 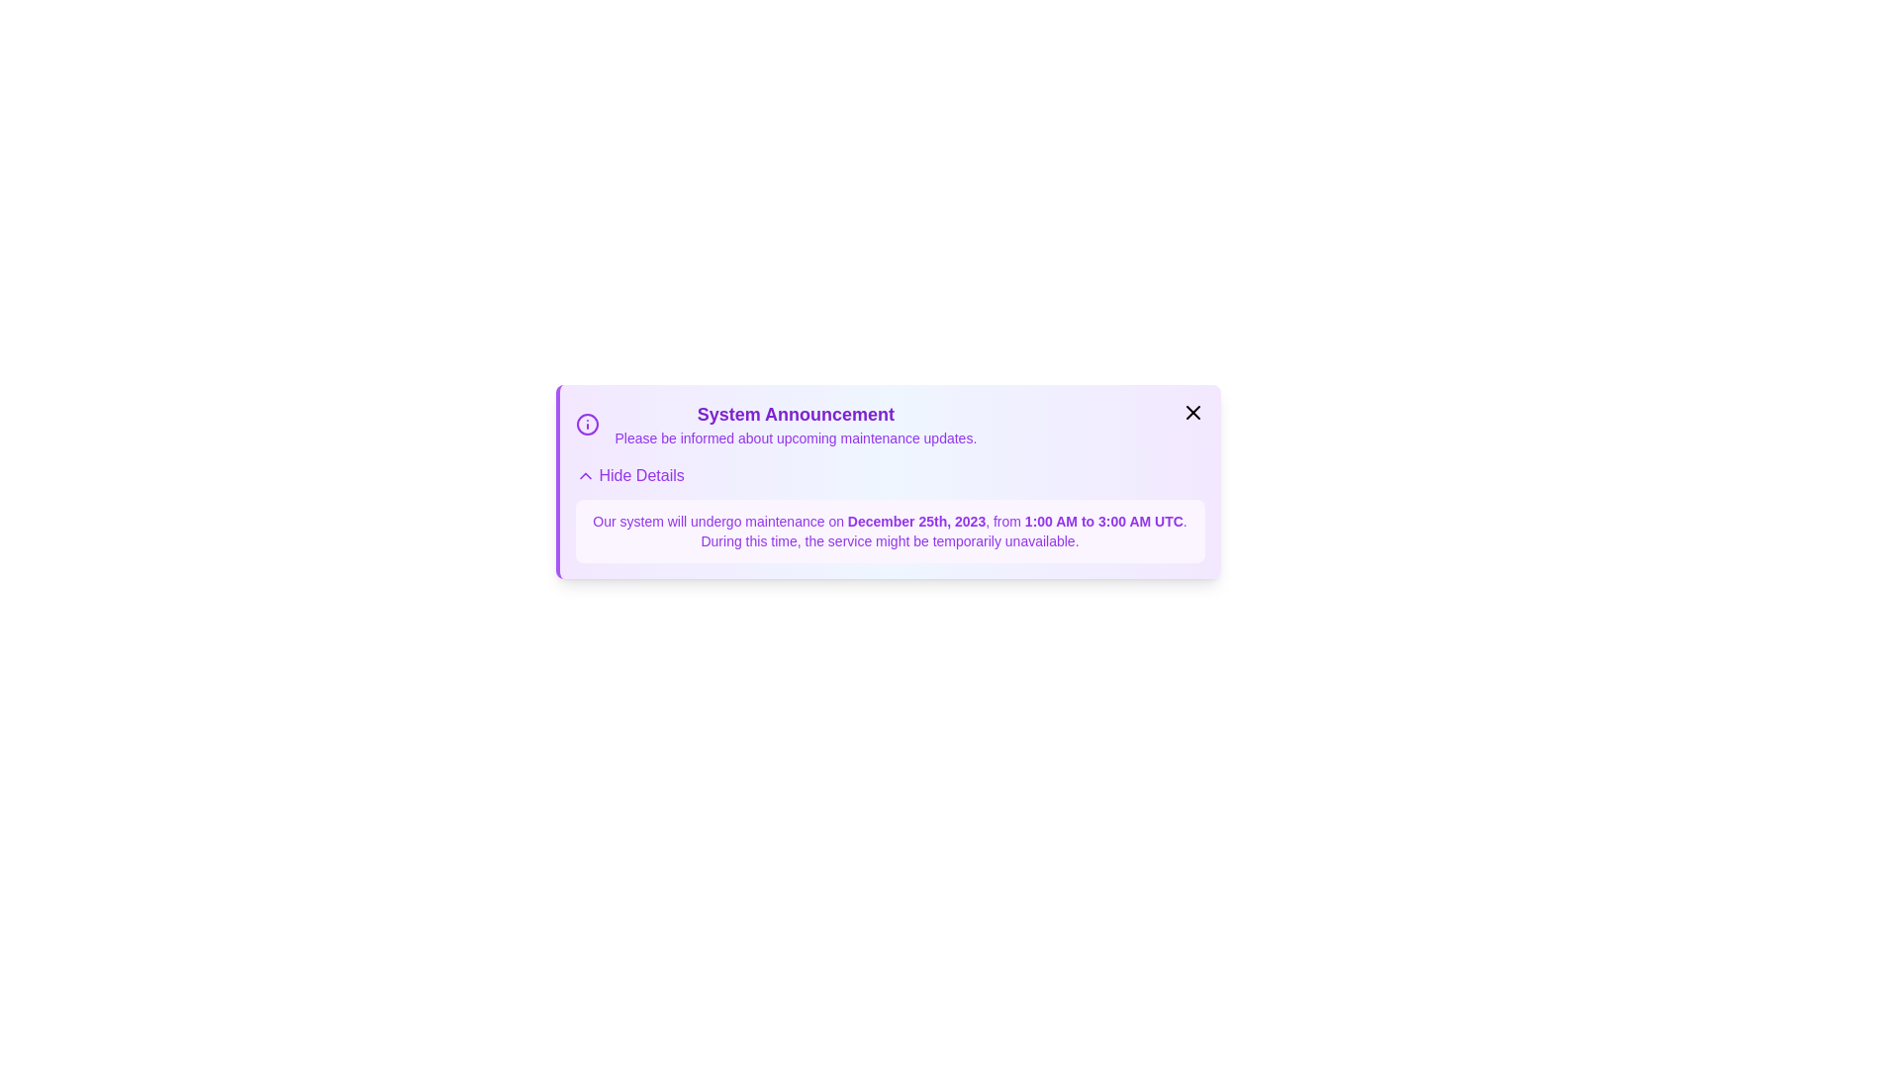 What do you see at coordinates (584, 476) in the screenshot?
I see `the SVG Icon located within the notification interface, which serves as a button for collapsing or hiding additional details, positioned directly to the left of the text 'Hide Details'` at bounding box center [584, 476].